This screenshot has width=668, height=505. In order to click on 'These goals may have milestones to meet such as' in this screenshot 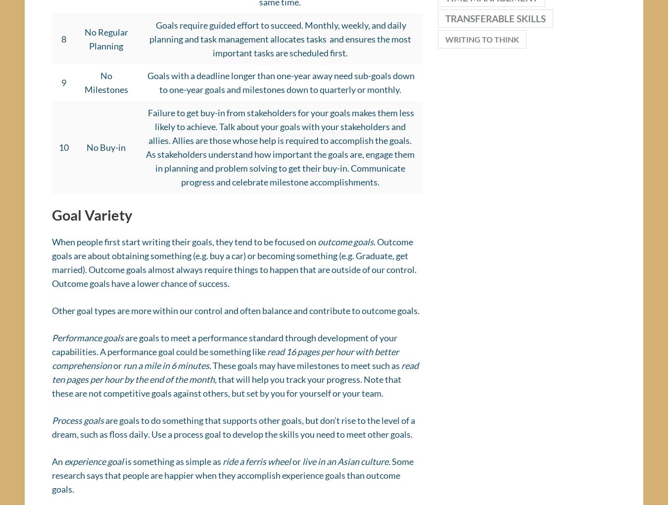, I will do `click(211, 368)`.